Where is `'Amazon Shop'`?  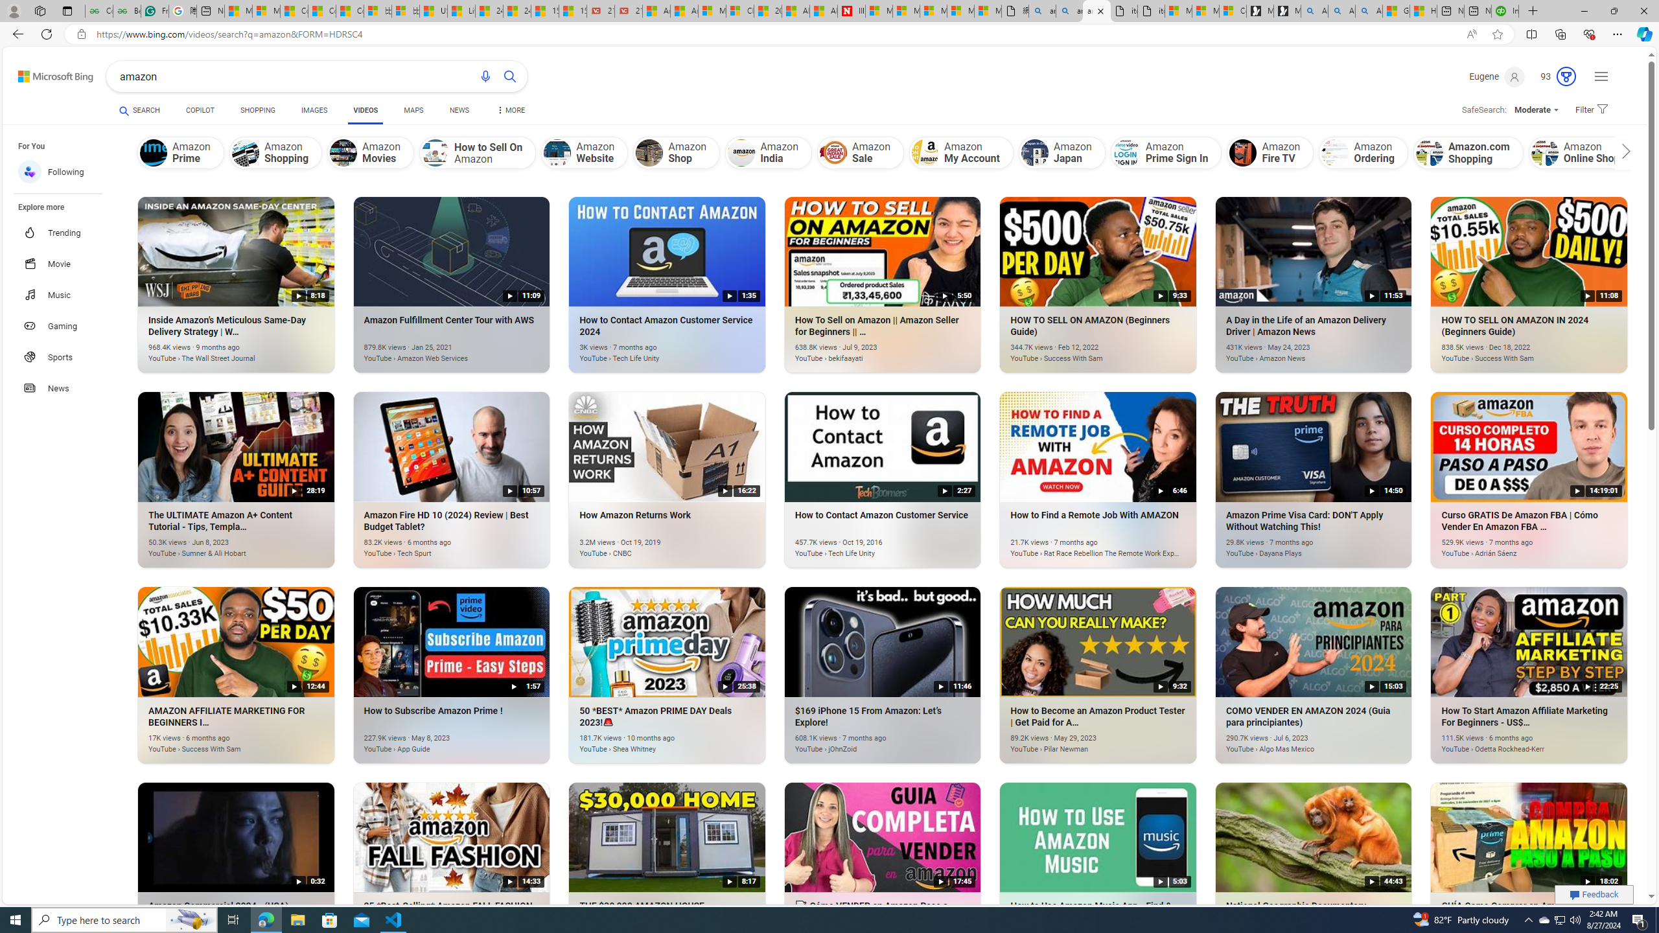 'Amazon Shop' is located at coordinates (649, 152).